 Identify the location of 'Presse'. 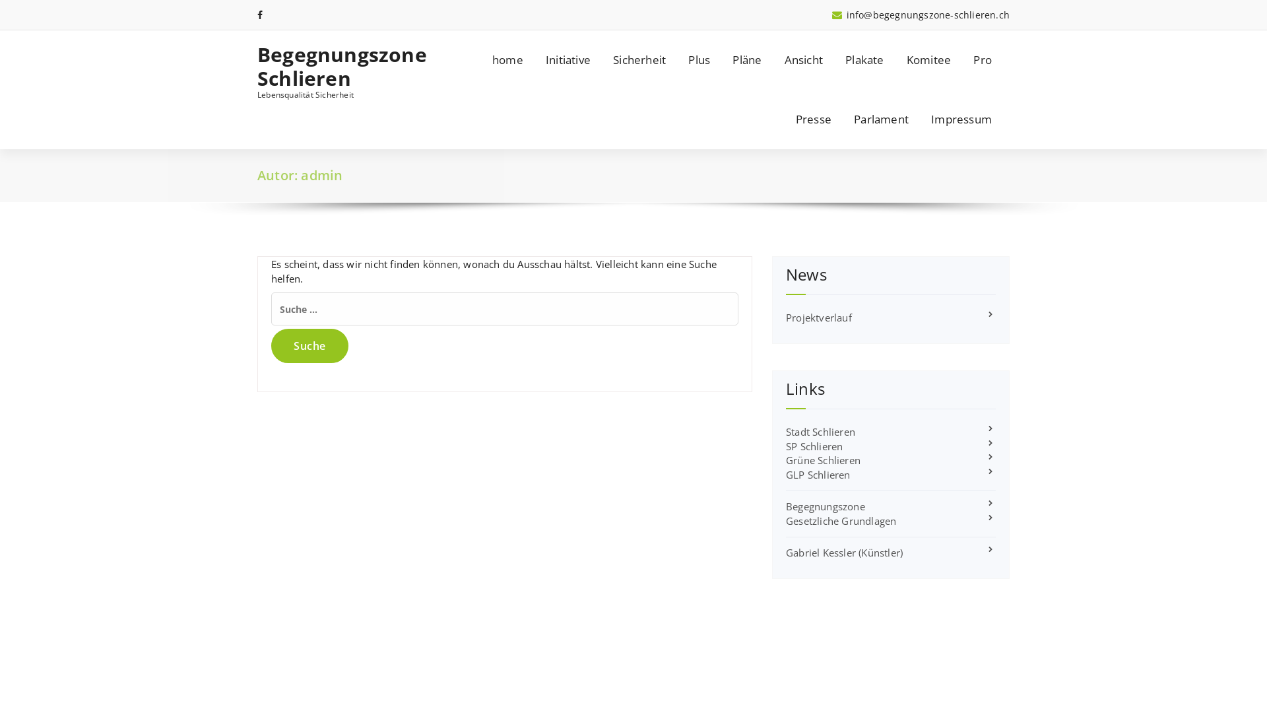
(813, 119).